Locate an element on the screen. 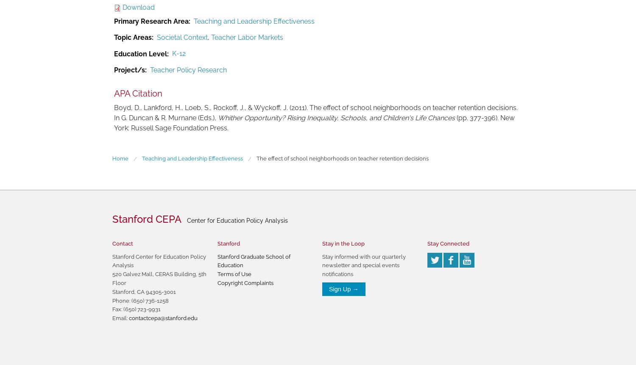  'Topic Areas:' is located at coordinates (133, 37).